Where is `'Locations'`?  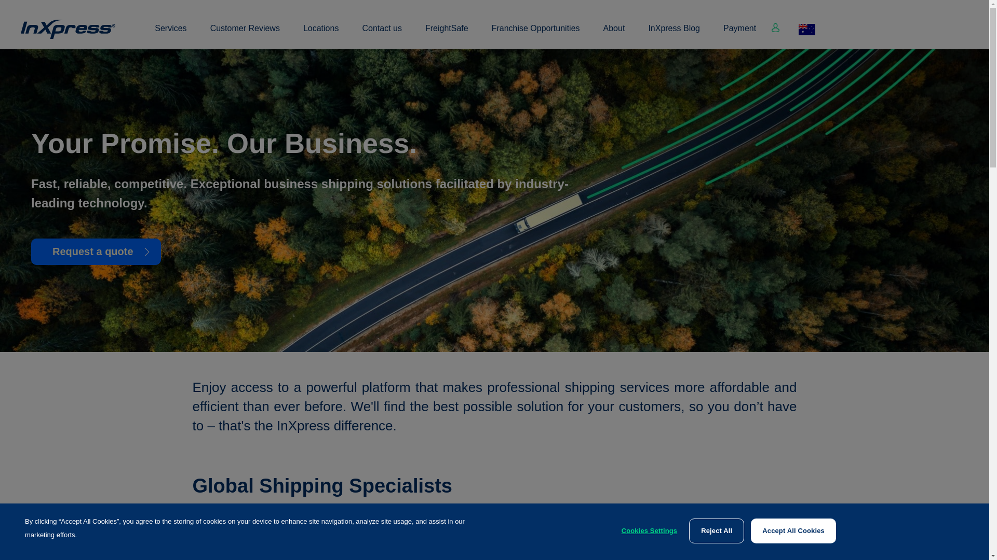
'Locations' is located at coordinates (320, 34).